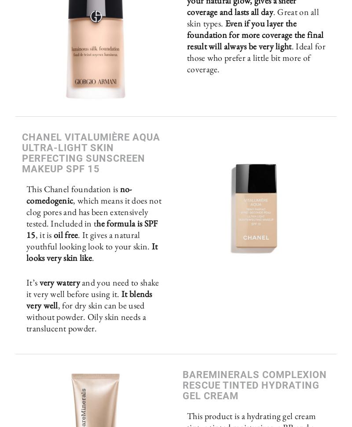 The image size is (352, 427). I want to click on 'and you need to shake it very well before using it.', so click(92, 288).